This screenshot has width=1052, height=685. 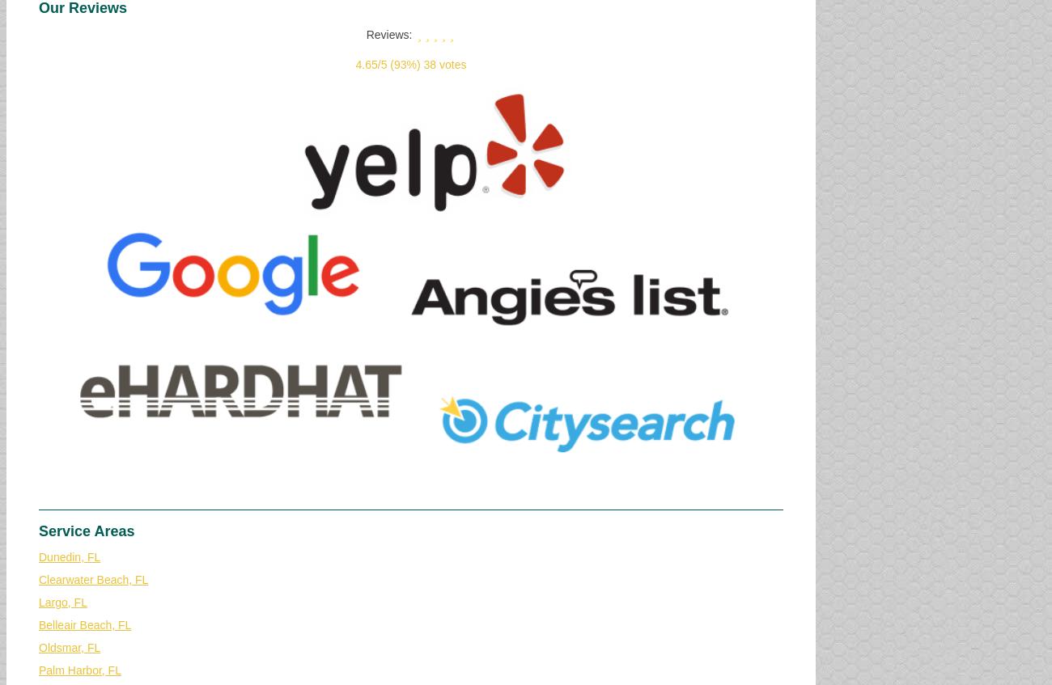 What do you see at coordinates (85, 624) in the screenshot?
I see `'Belleair Beach, FL'` at bounding box center [85, 624].